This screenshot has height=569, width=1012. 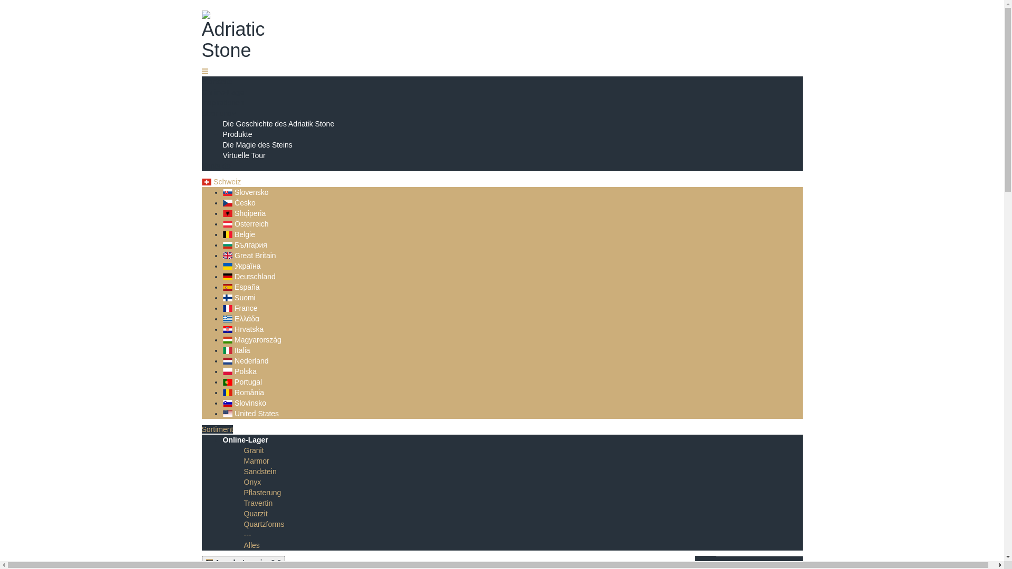 I want to click on 'Produkte', so click(x=237, y=133).